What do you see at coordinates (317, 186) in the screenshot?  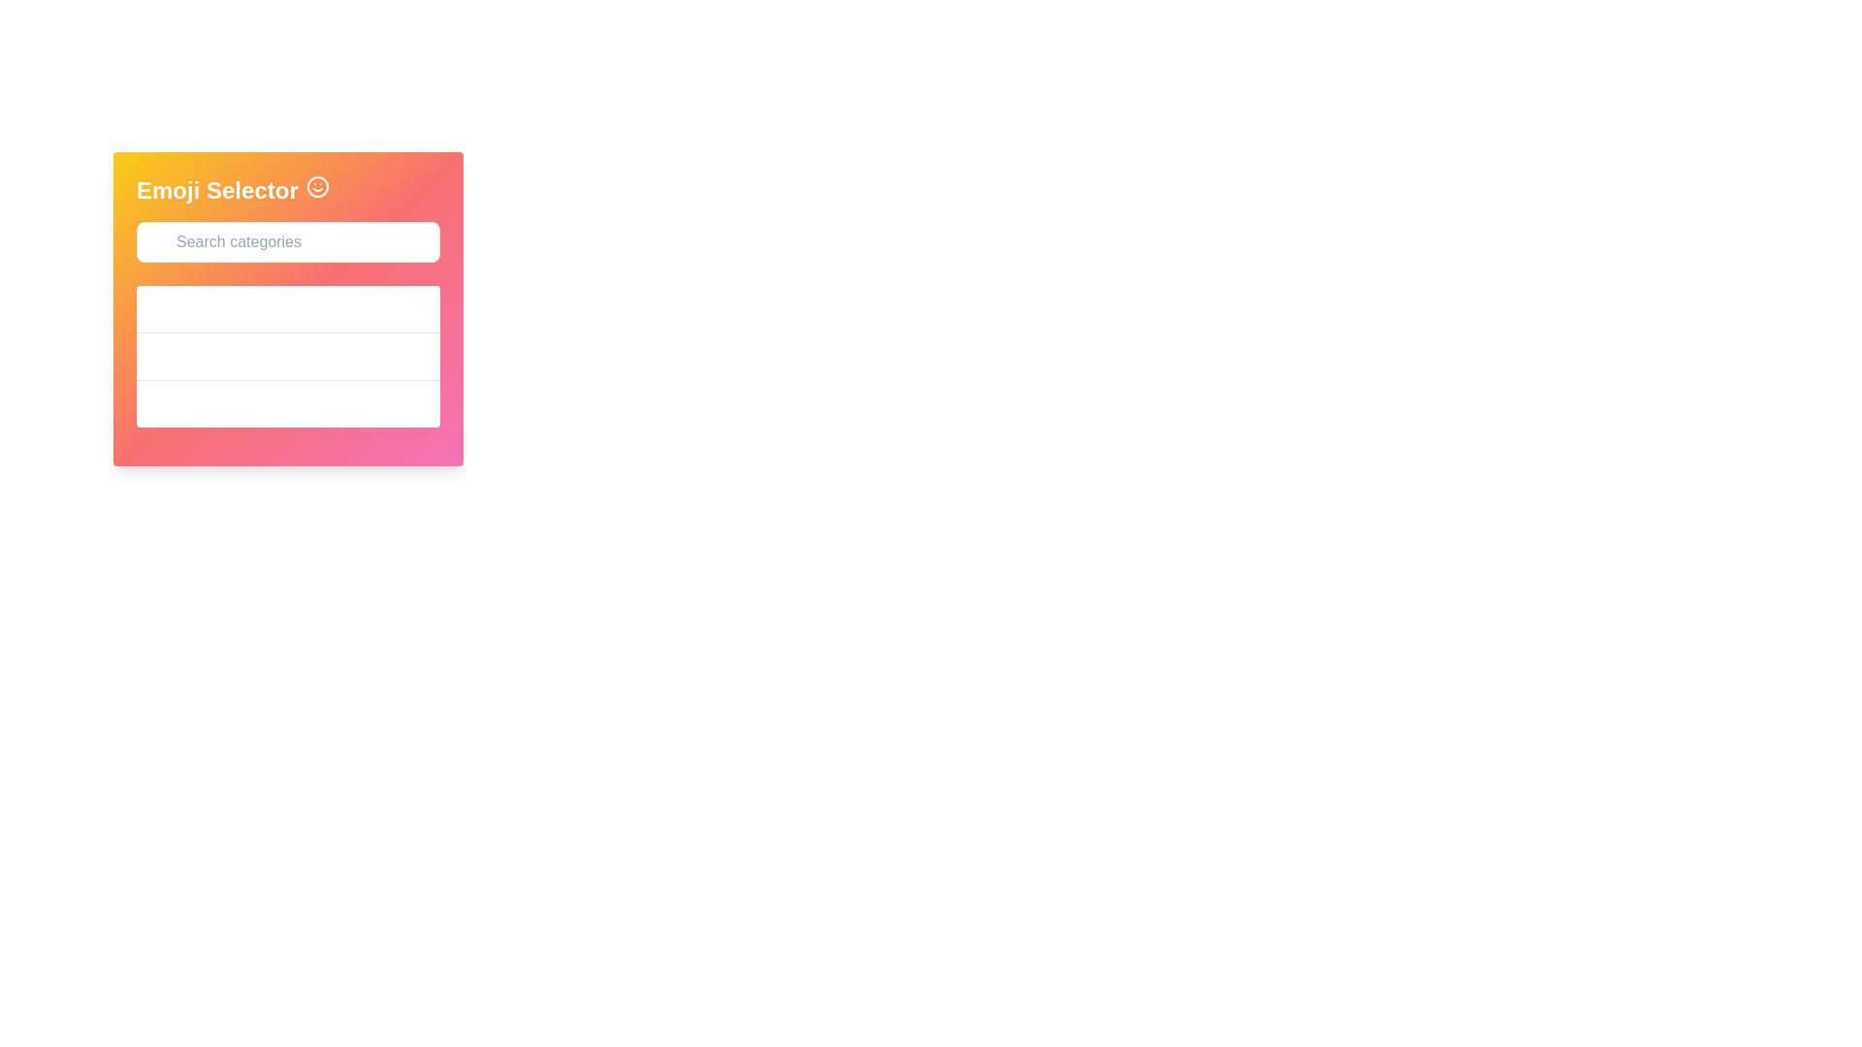 I see `the circular boundary of the smiley face emoji, which has a solid outline and is located adjacent to the text 'Emoji Selector'` at bounding box center [317, 186].